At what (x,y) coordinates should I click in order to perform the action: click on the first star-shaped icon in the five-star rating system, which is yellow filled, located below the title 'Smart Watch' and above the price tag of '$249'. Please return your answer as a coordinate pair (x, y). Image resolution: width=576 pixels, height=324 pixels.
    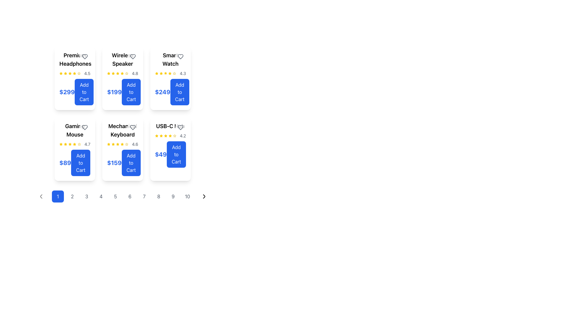
    Looking at the image, I should click on (157, 73).